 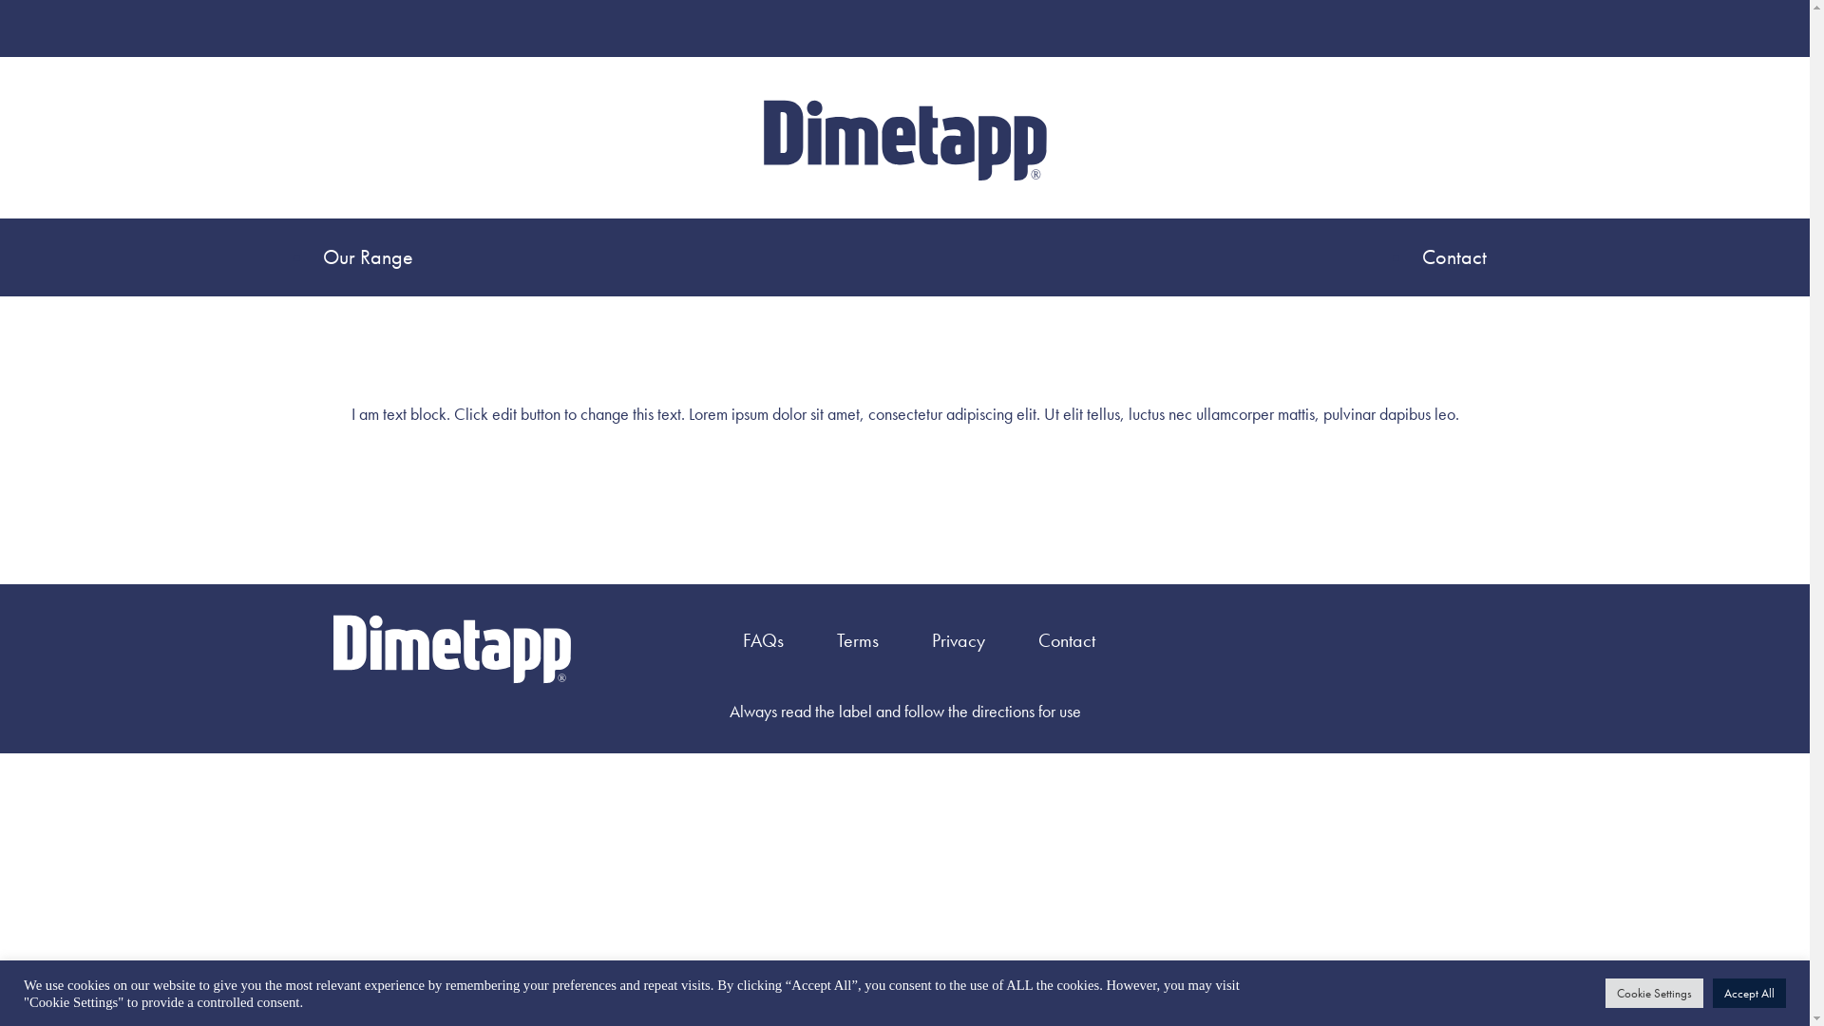 I want to click on 'Contact', so click(x=1453, y=256).